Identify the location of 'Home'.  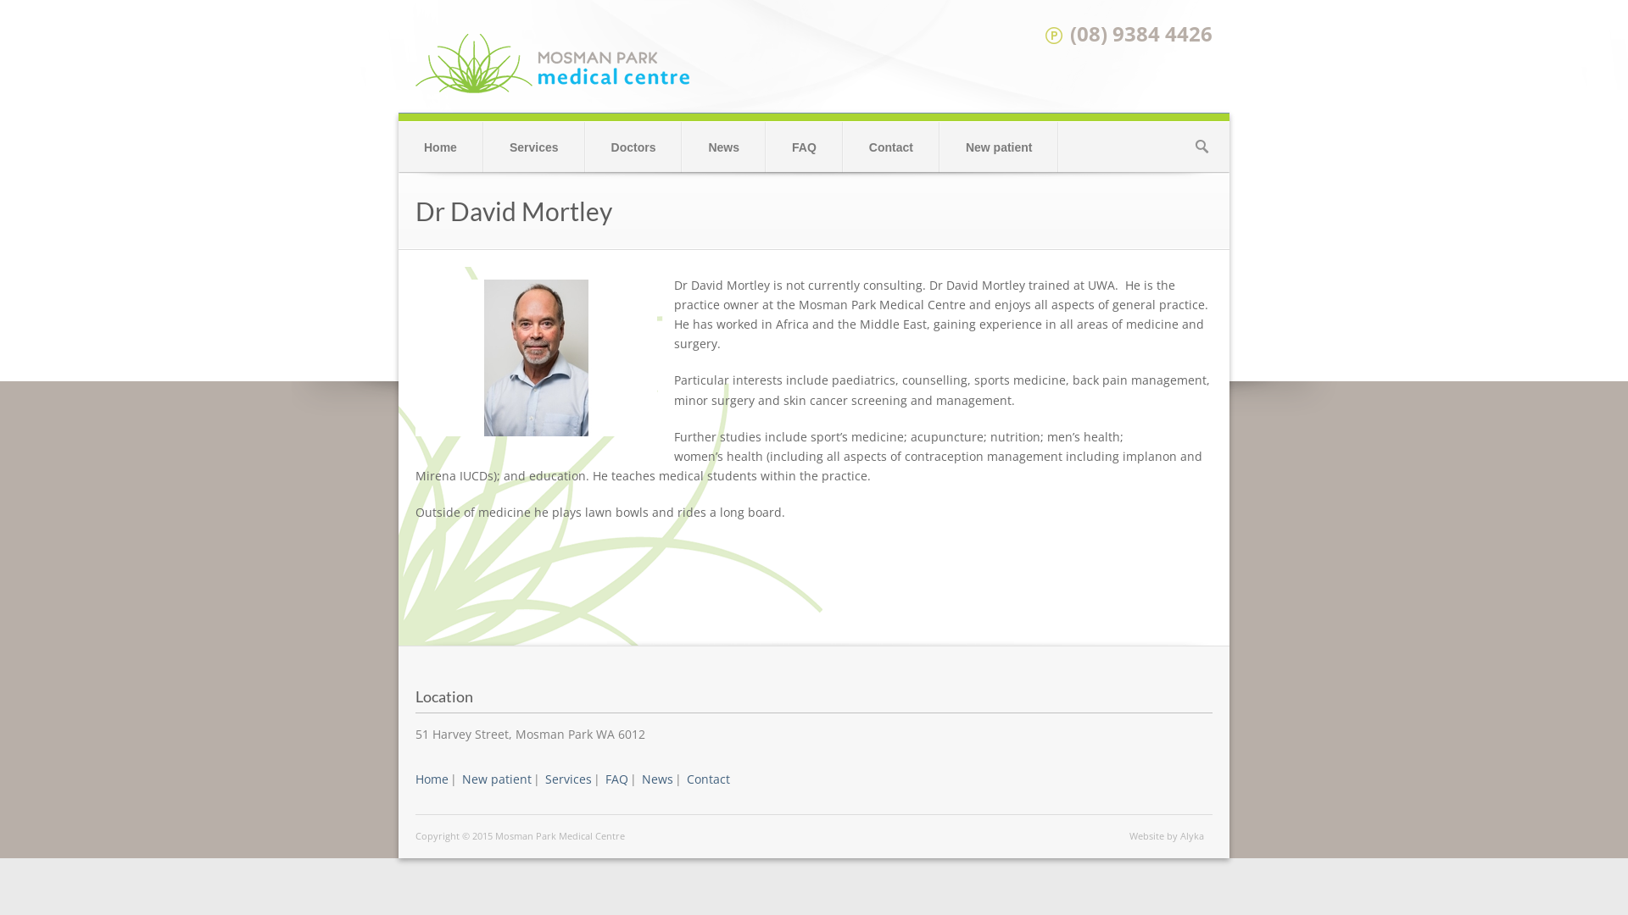
(440, 146).